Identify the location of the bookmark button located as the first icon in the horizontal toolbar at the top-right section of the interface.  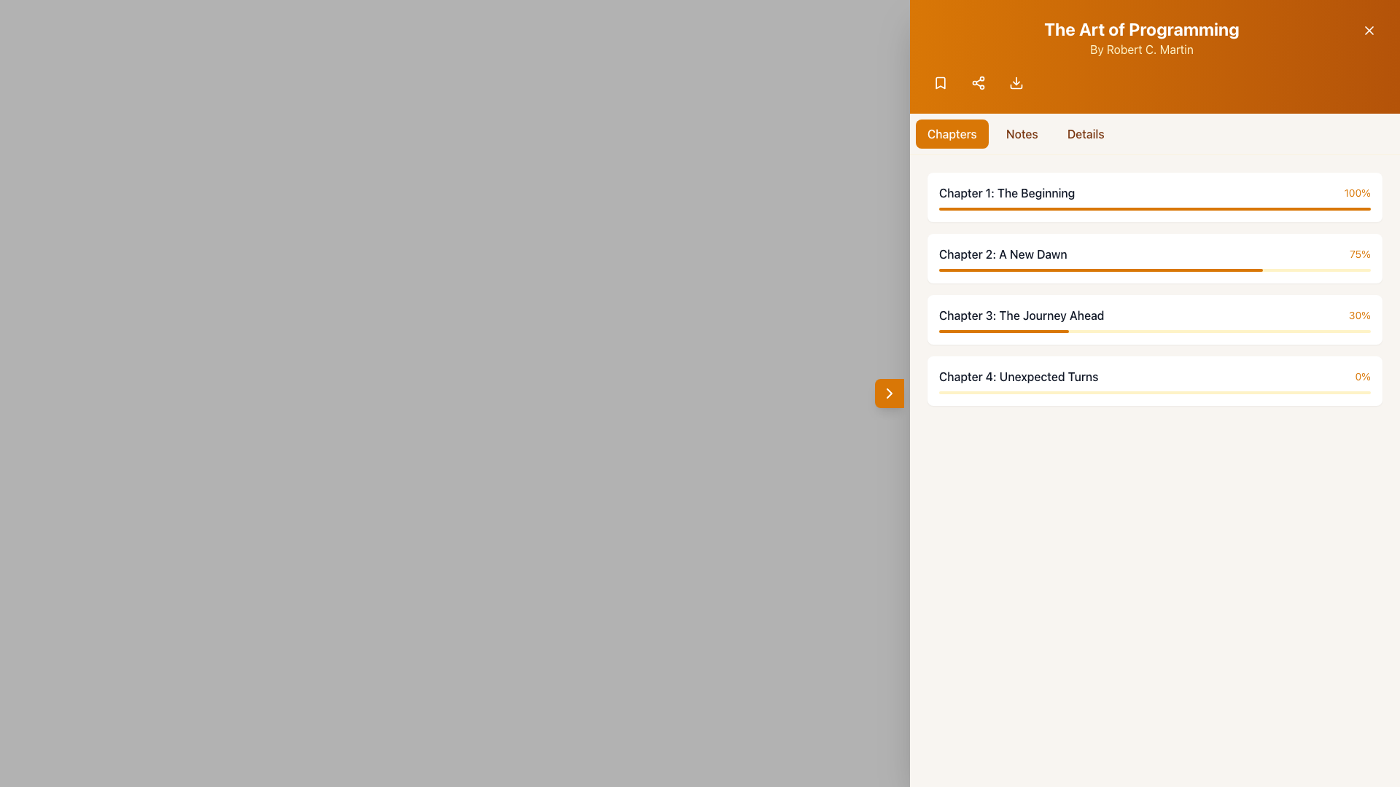
(941, 83).